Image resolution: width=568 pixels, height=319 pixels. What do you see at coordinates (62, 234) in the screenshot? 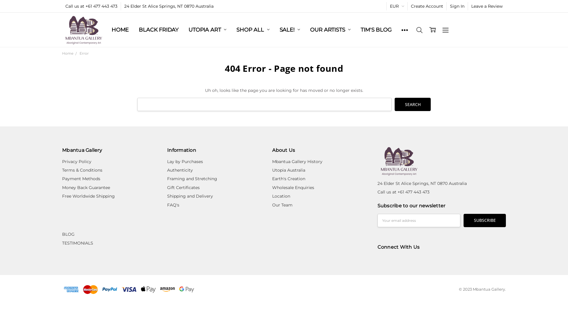
I see `'BLOG'` at bounding box center [62, 234].